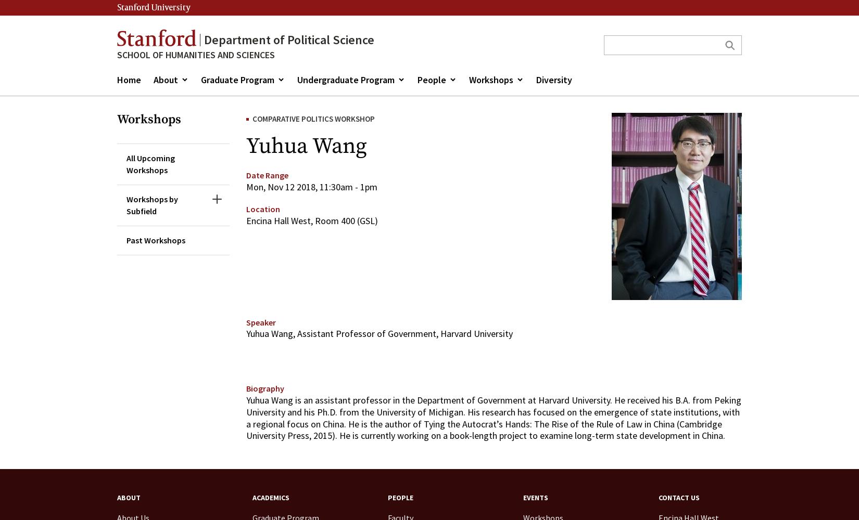 The width and height of the screenshot is (859, 520). What do you see at coordinates (156, 239) in the screenshot?
I see `'Past Workshops'` at bounding box center [156, 239].